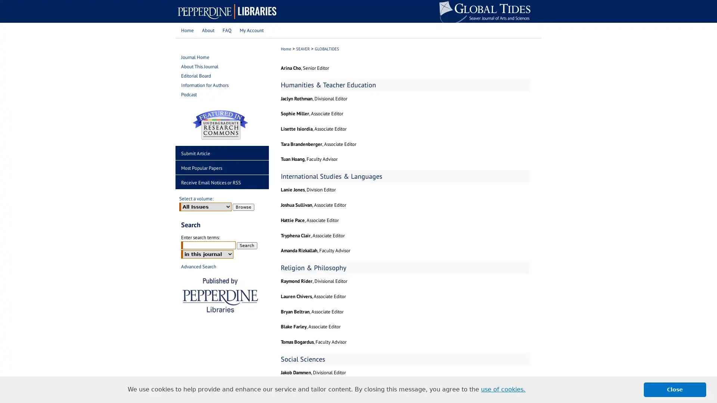 The width and height of the screenshot is (717, 403). What do you see at coordinates (247, 245) in the screenshot?
I see `Search` at bounding box center [247, 245].